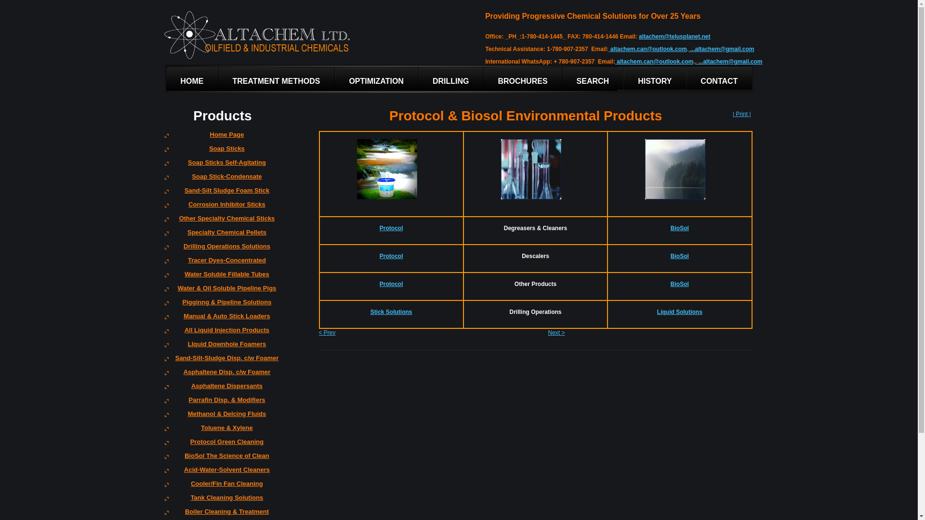  I want to click on 'SEARCH', so click(593, 78).